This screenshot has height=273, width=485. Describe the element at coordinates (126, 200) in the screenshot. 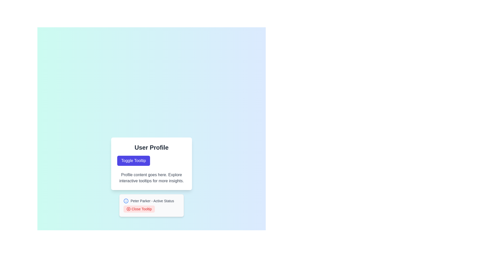

I see `the status indicator icon located at the leftmost position in the group containing 'Peter Parker - Active Status' at the bottom of the card` at that location.